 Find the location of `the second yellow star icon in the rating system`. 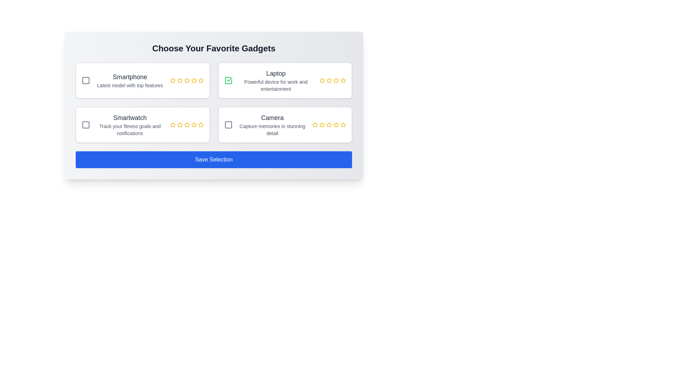

the second yellow star icon in the rating system is located at coordinates (200, 80).